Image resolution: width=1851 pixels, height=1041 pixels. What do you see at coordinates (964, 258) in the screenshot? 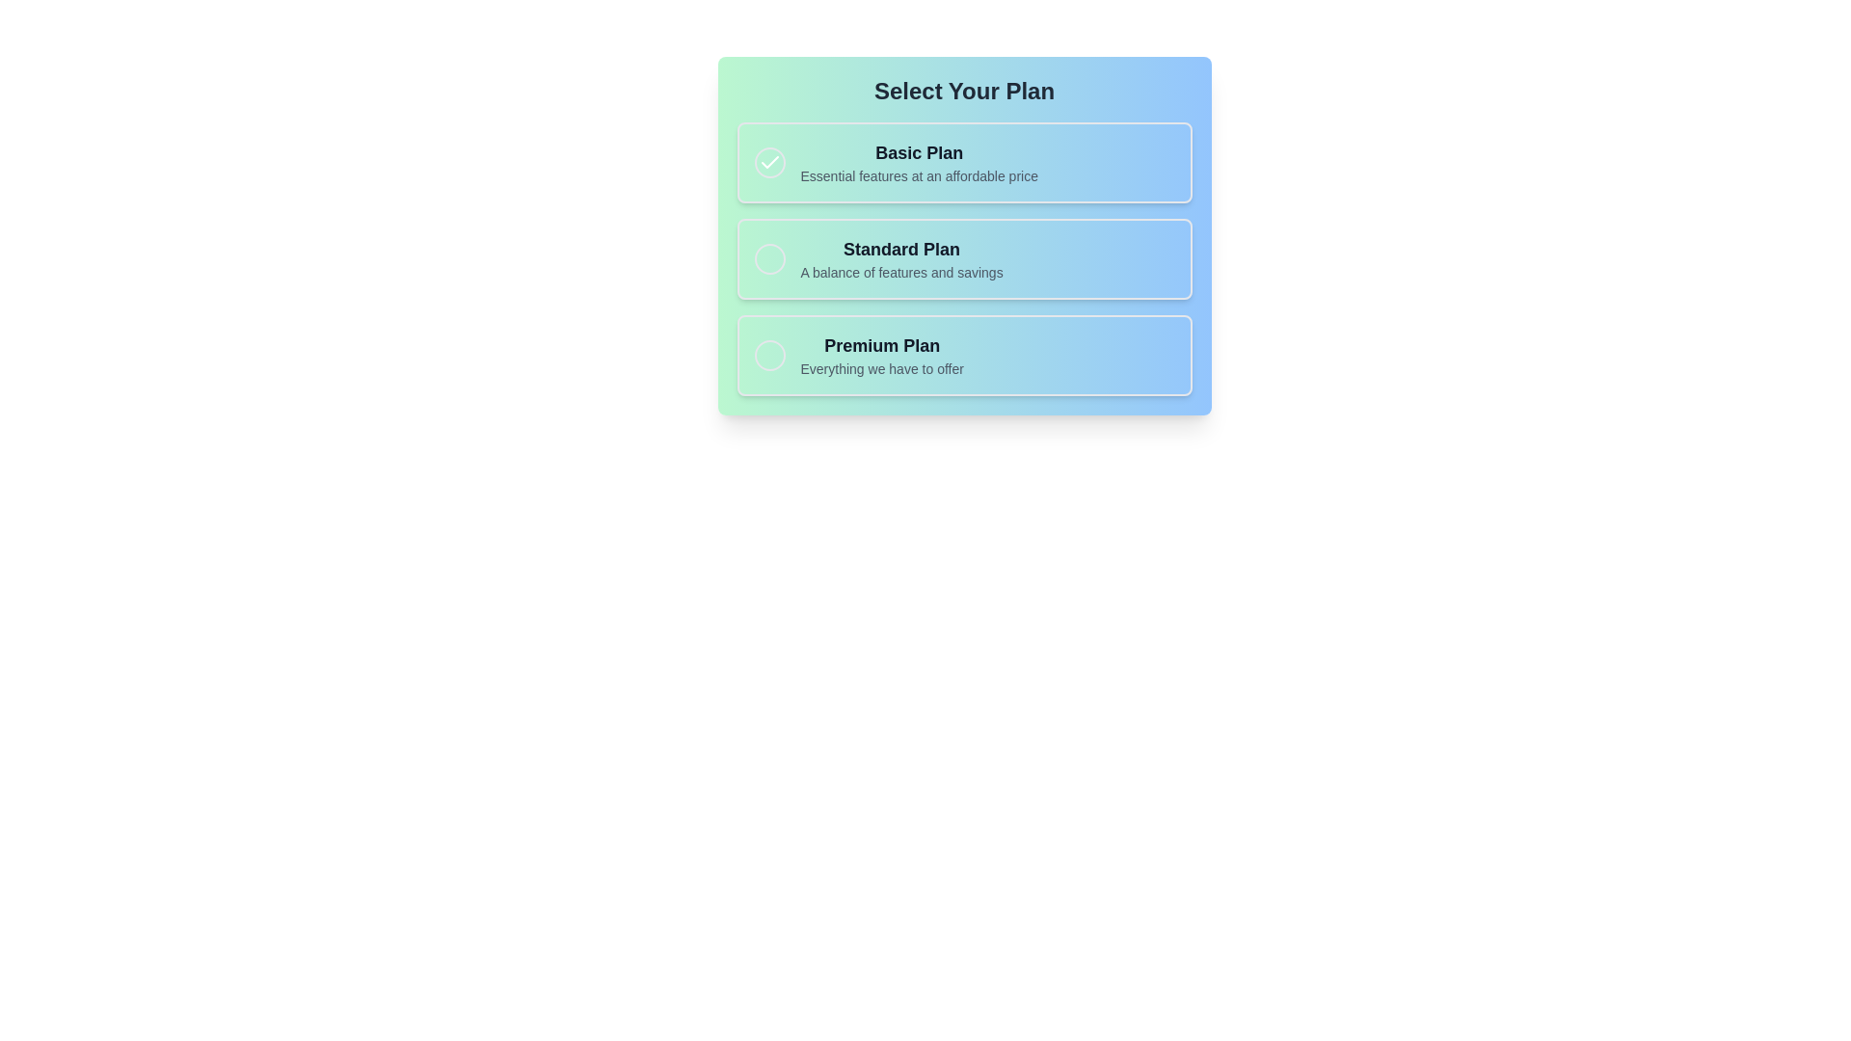
I see `the 'Standard Plan' button-like selection option, which is the second option in the 'Select Your Plan' group` at bounding box center [964, 258].